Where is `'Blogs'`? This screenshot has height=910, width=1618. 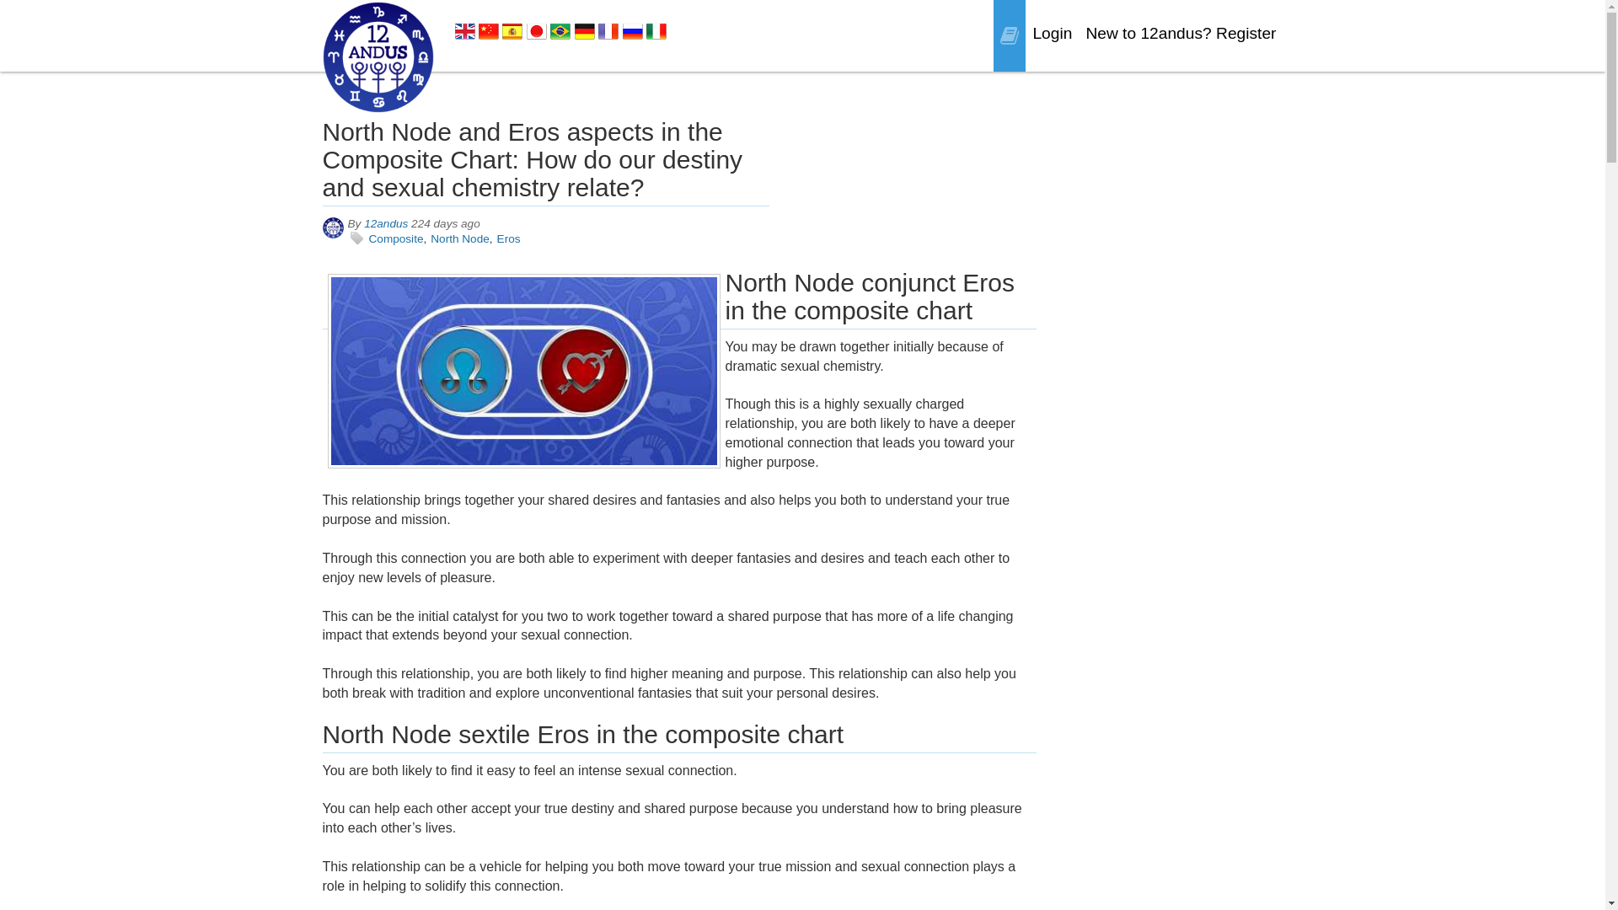
'Blogs' is located at coordinates (1010, 37).